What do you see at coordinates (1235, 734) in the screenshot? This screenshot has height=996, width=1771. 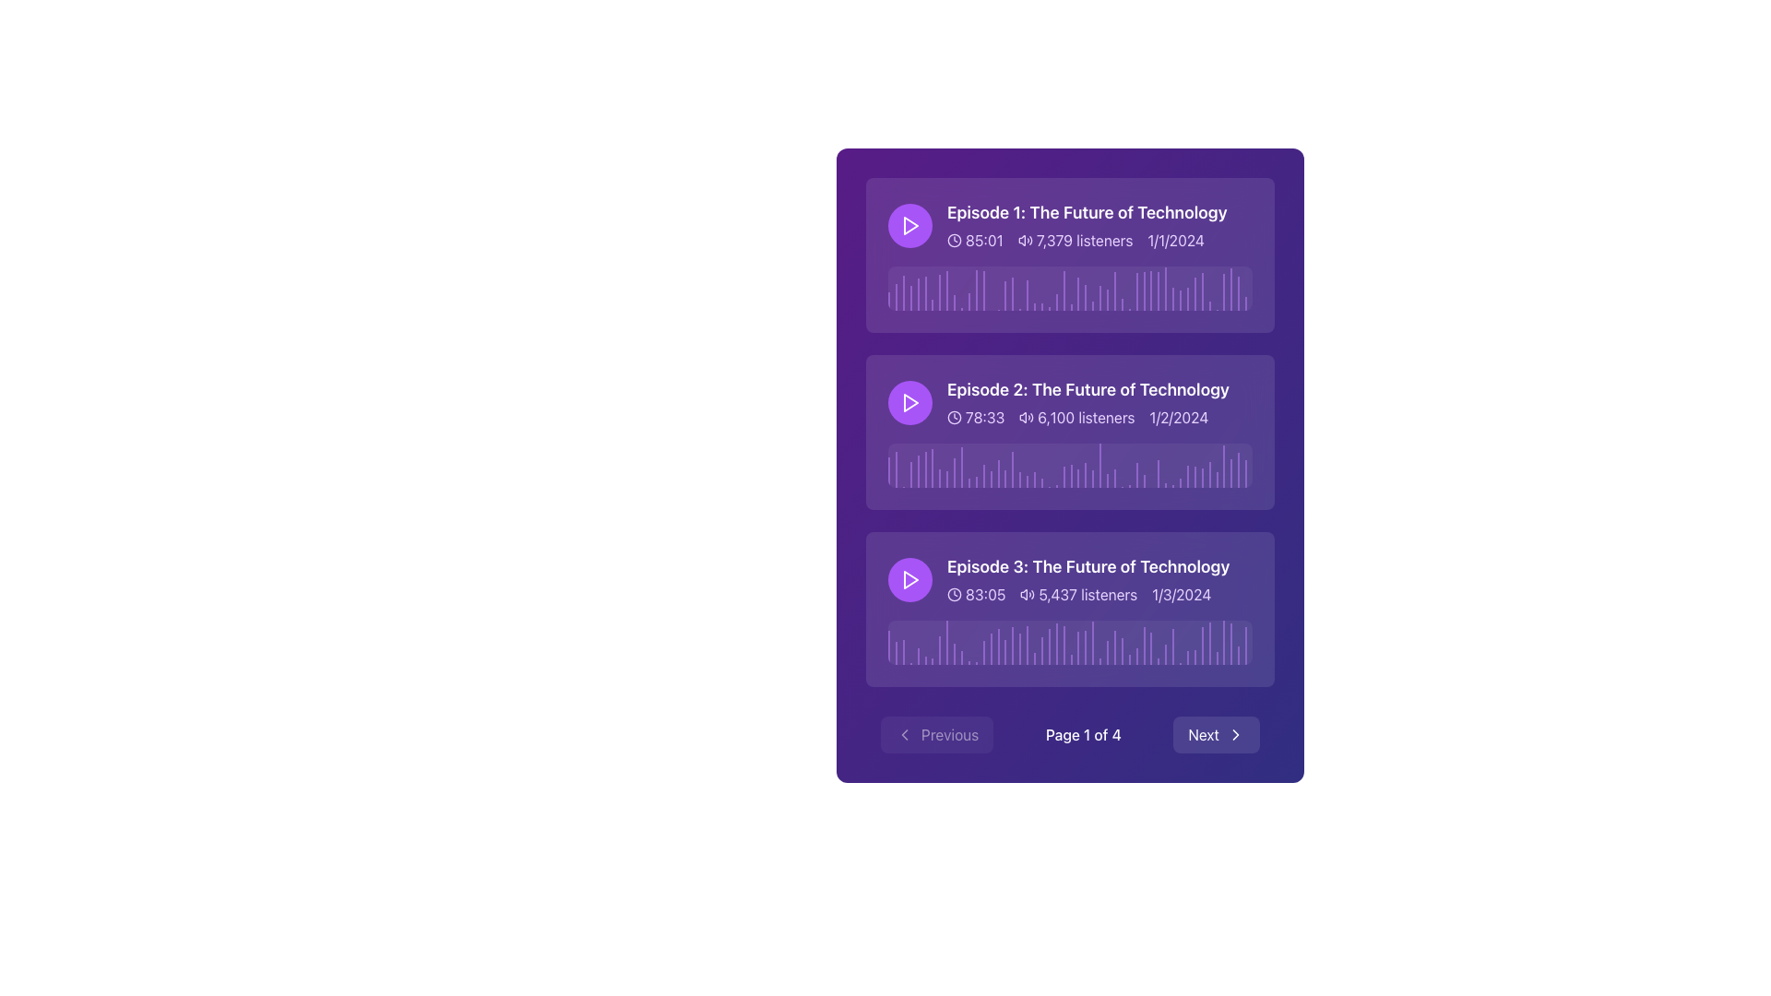 I see `the decorative chevron icon pointing to the right, which is located inside the 'Next' button at the bottom right of the interface` at bounding box center [1235, 734].